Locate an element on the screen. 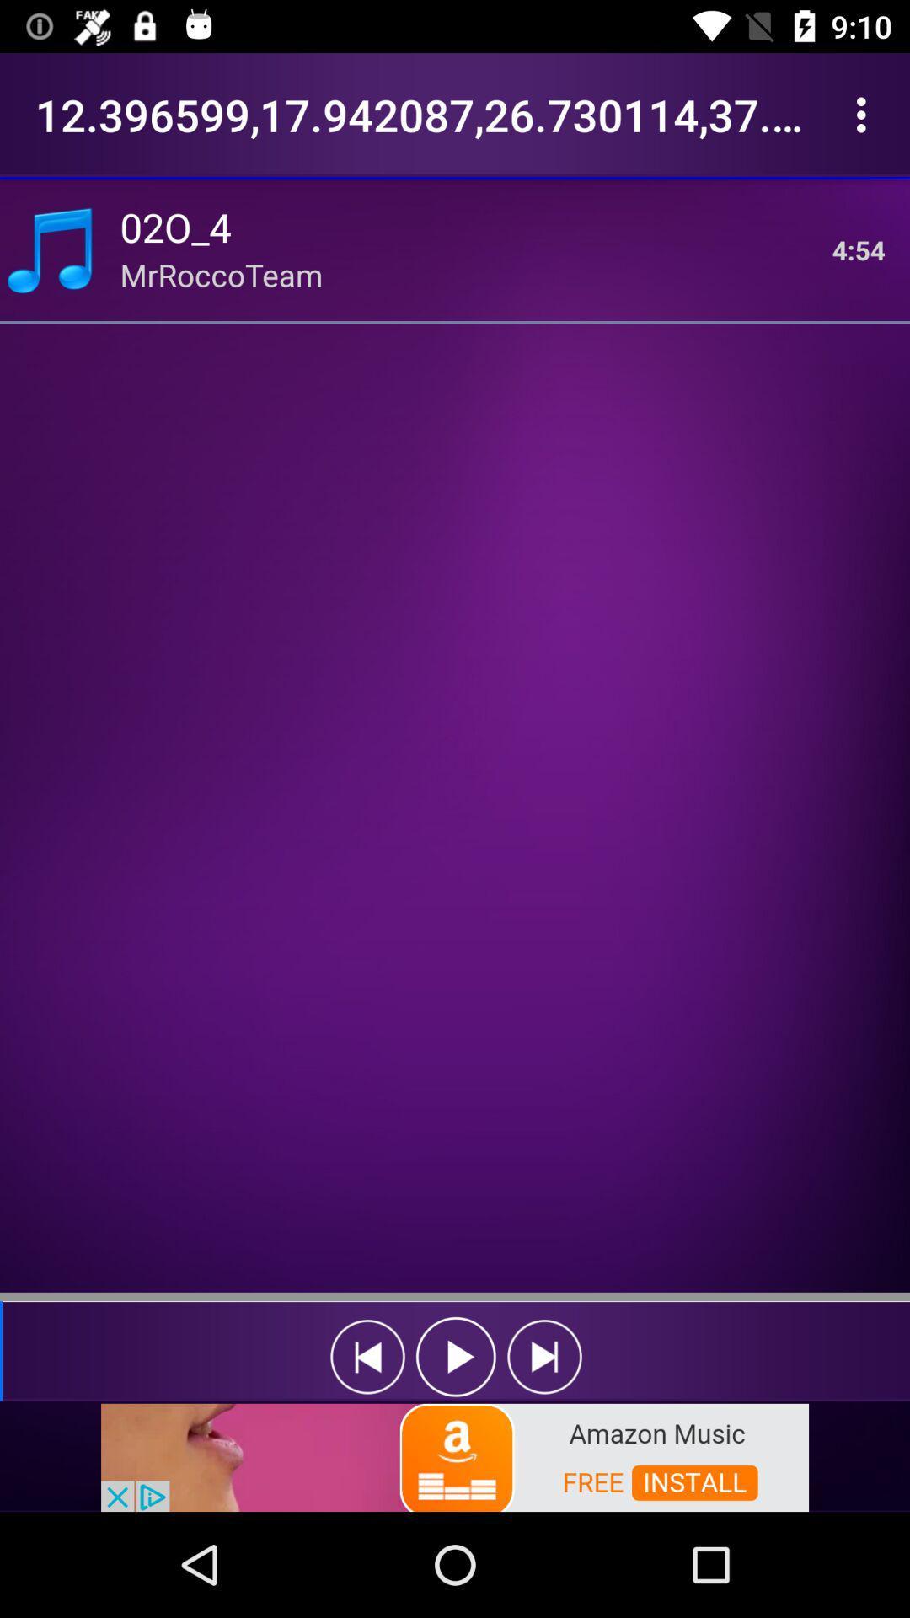 Image resolution: width=910 pixels, height=1618 pixels. advertisements is located at coordinates (455, 1455).